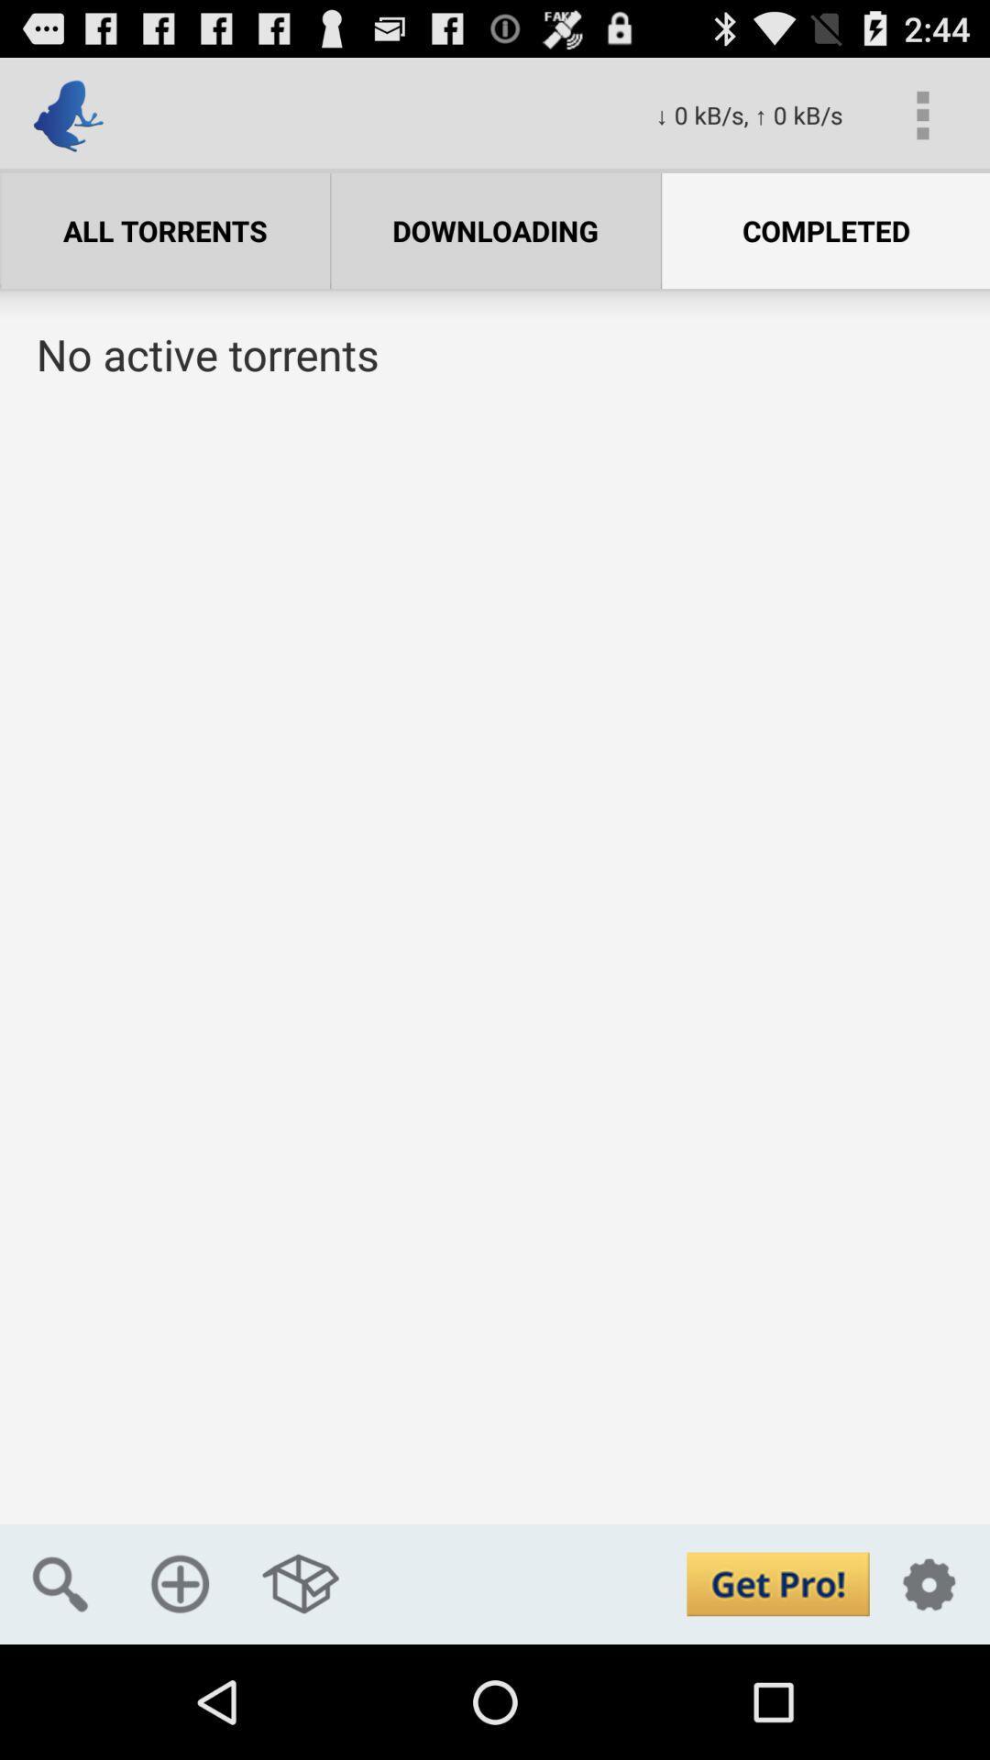 The width and height of the screenshot is (990, 1760). I want to click on the search icon, so click(59, 1694).